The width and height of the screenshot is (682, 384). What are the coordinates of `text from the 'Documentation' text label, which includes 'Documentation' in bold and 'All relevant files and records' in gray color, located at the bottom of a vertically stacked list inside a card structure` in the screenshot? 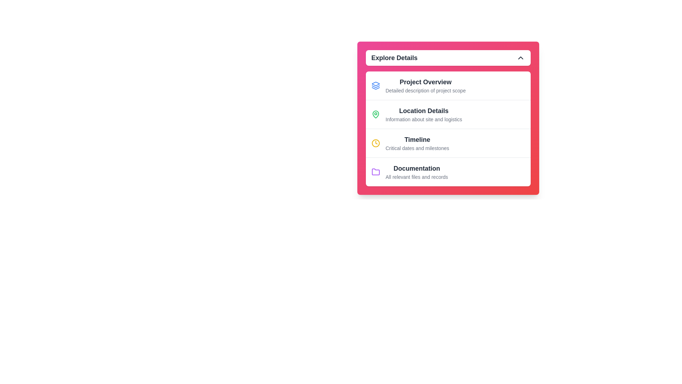 It's located at (417, 172).